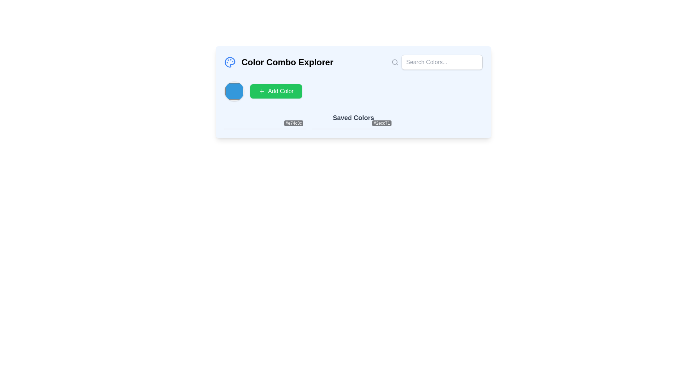  Describe the element at coordinates (437, 62) in the screenshot. I see `the Search bar located at the top-right corner of the 'Color Combo Explorer' header` at that location.